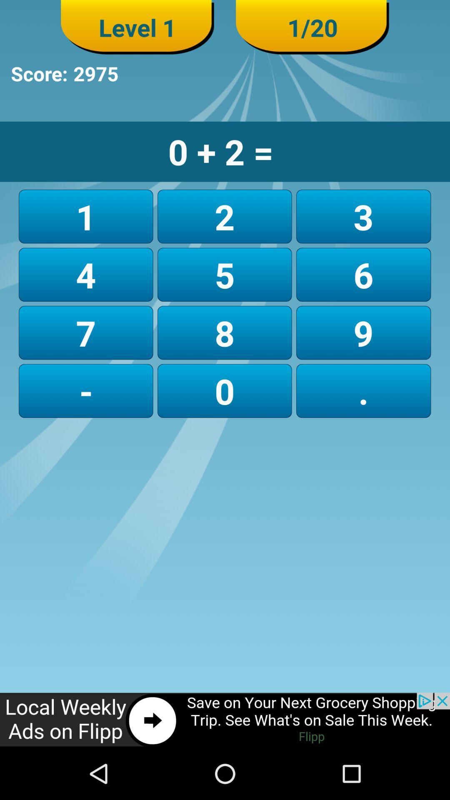  What do you see at coordinates (225, 720) in the screenshot?
I see `open advertisement` at bounding box center [225, 720].